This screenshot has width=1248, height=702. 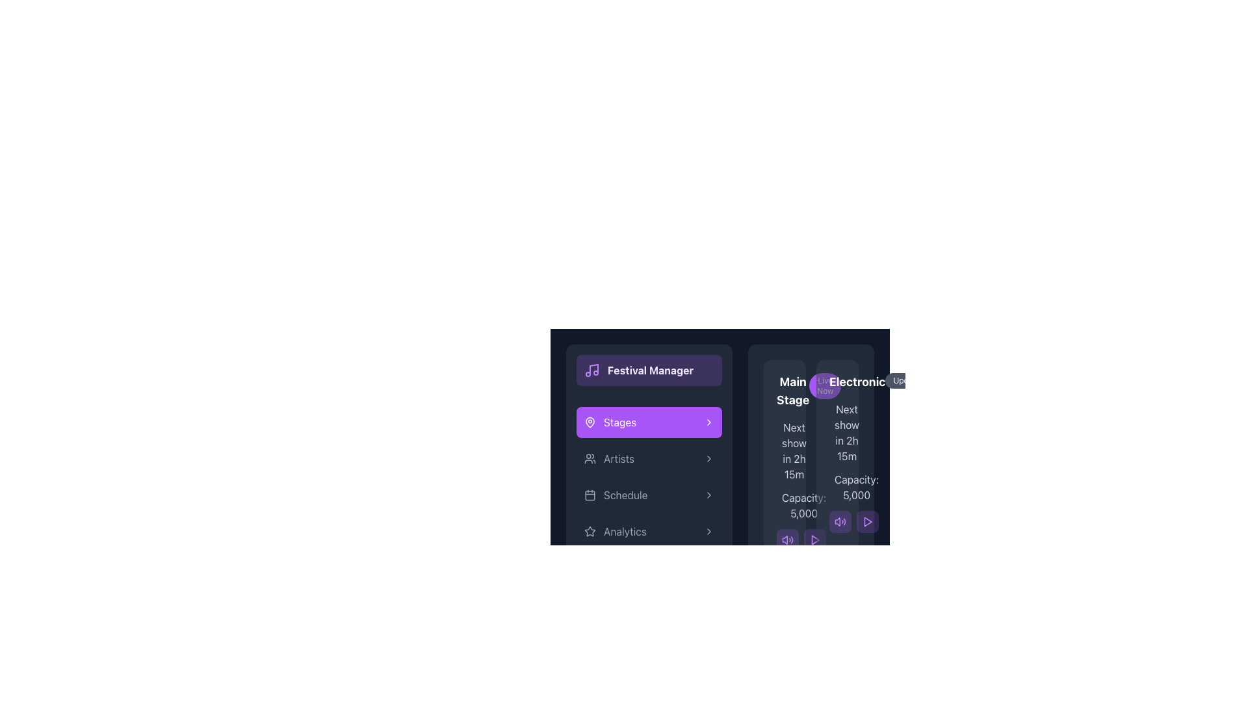 I want to click on the Text Label displaying 'Capacity: 5,000' located below 'Next show in 2h 15m' within the 'Electronic' card, so click(x=803, y=505).